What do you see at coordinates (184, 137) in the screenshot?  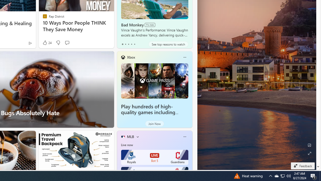 I see `'Class: icon-img'` at bounding box center [184, 137].